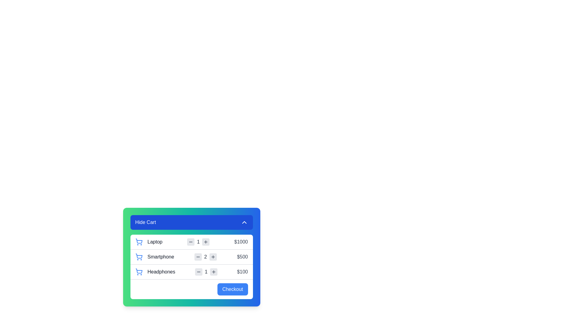 The image size is (588, 330). Describe the element at coordinates (138, 241) in the screenshot. I see `the shopping cart icon associated with the 'Laptop' item by moving the cursor to its center point` at that location.